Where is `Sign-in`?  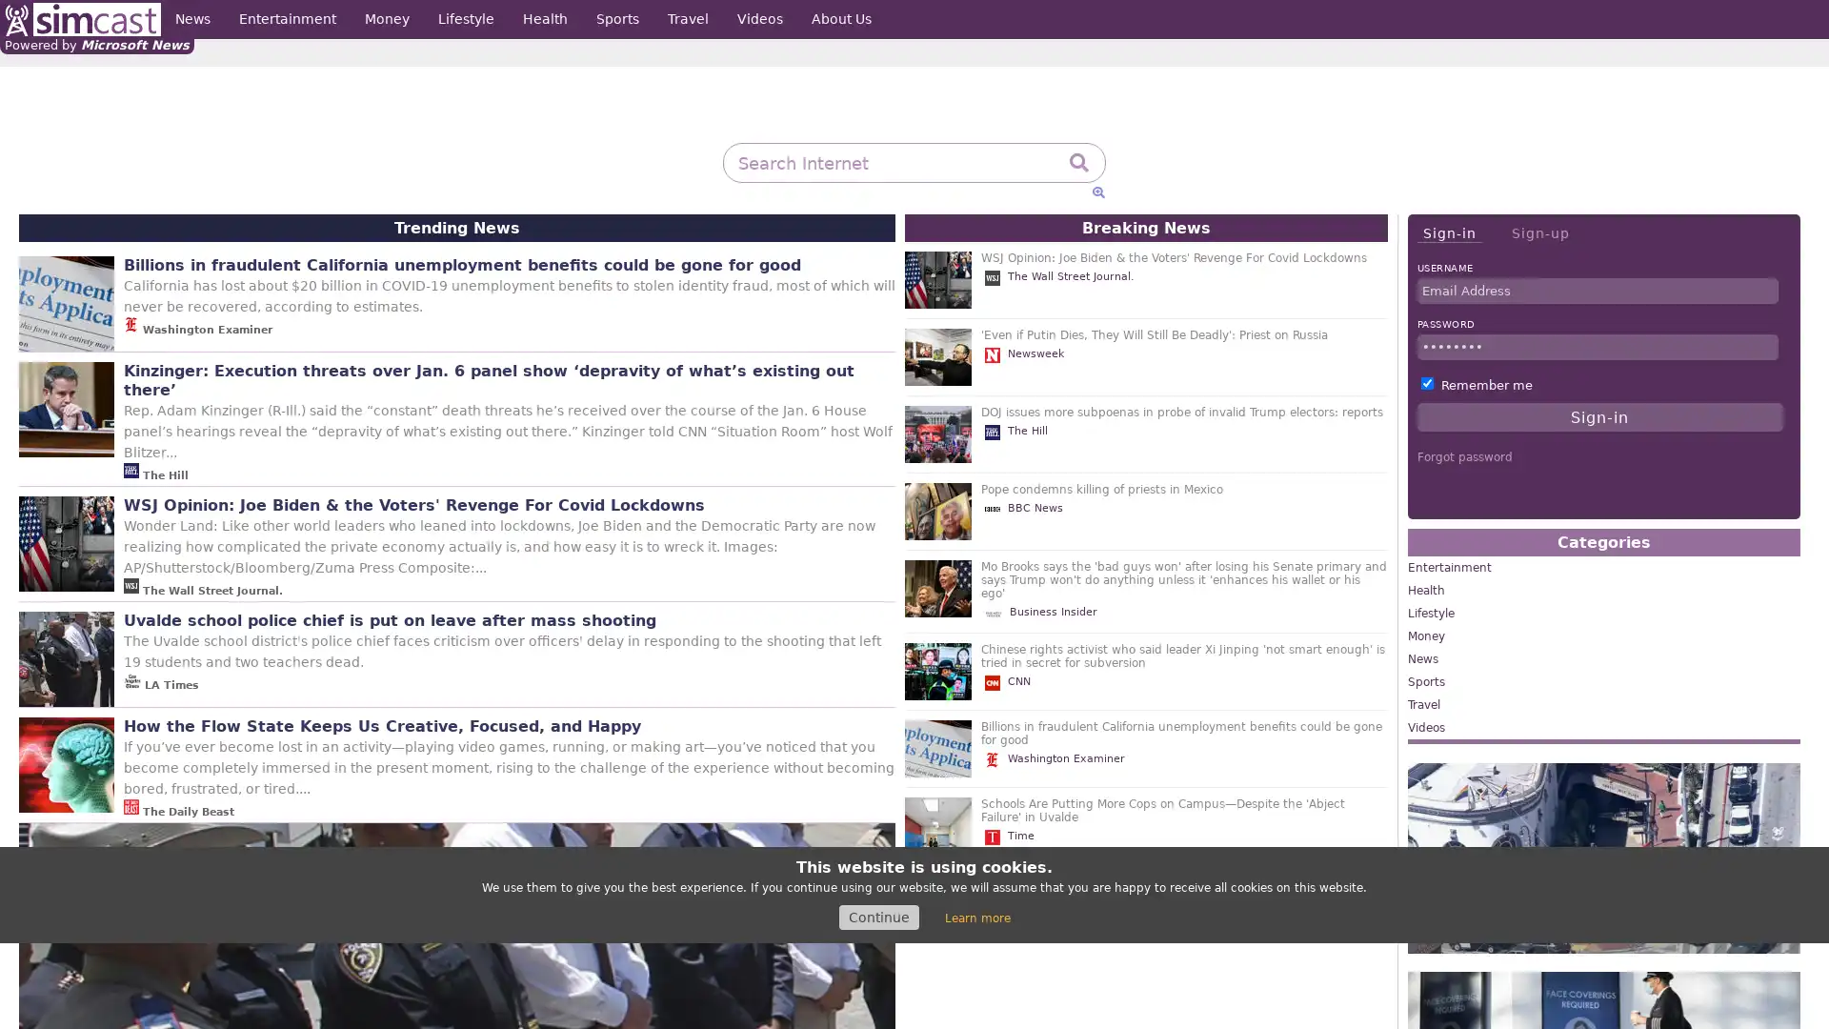
Sign-in is located at coordinates (1599, 416).